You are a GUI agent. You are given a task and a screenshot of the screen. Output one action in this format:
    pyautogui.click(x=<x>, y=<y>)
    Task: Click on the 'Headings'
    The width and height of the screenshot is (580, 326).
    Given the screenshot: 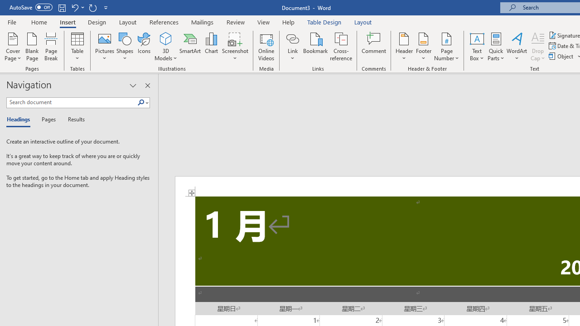 What is the action you would take?
    pyautogui.click(x=20, y=120)
    